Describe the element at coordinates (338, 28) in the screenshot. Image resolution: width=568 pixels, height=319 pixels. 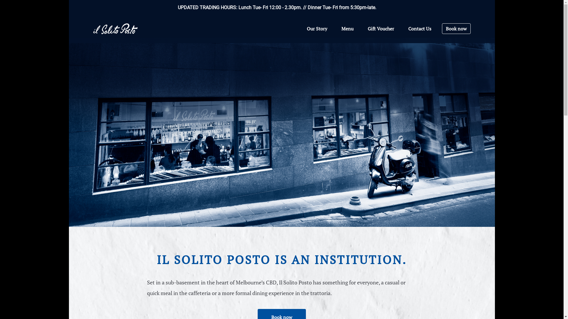
I see `'Menu'` at that location.